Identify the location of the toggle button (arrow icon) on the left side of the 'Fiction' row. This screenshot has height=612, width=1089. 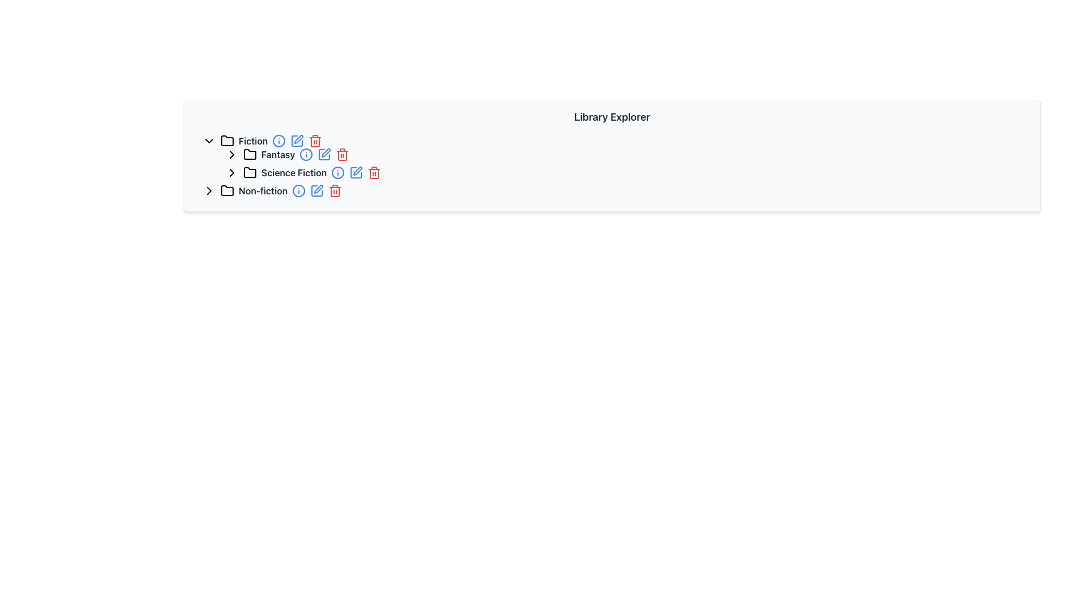
(209, 141).